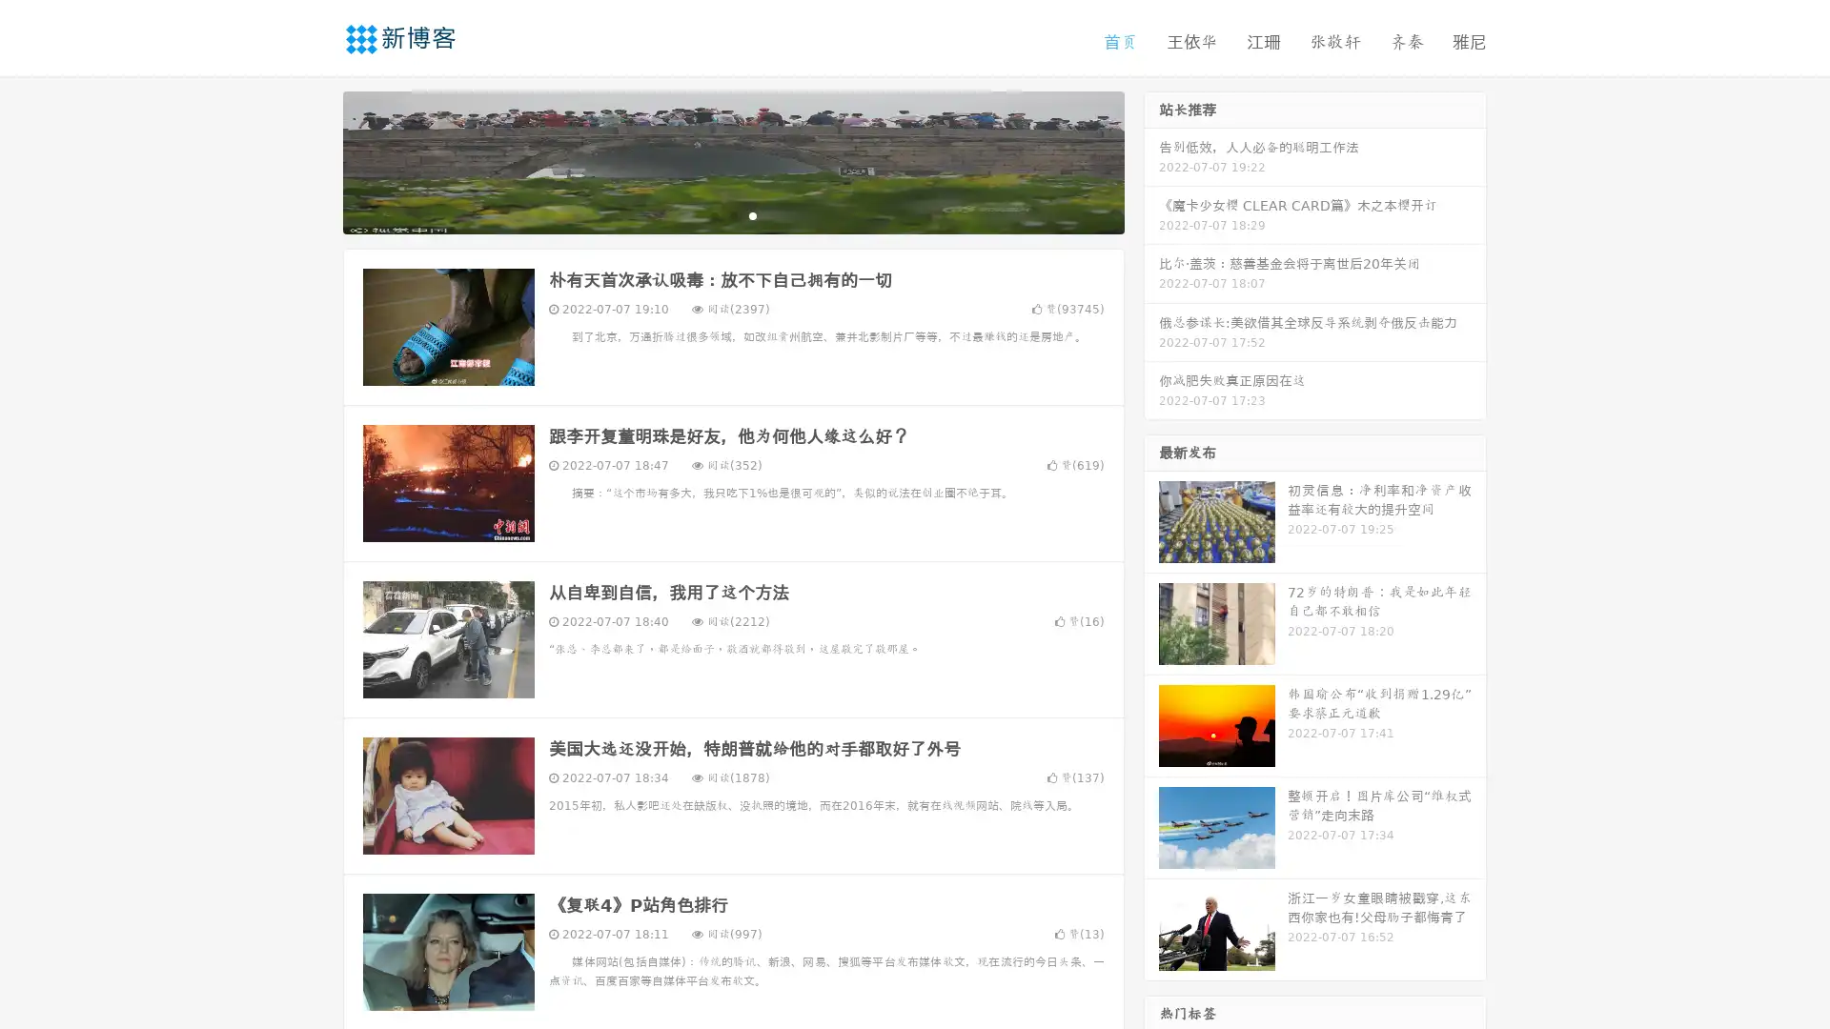 This screenshot has width=1830, height=1029. I want to click on Previous slide, so click(315, 160).